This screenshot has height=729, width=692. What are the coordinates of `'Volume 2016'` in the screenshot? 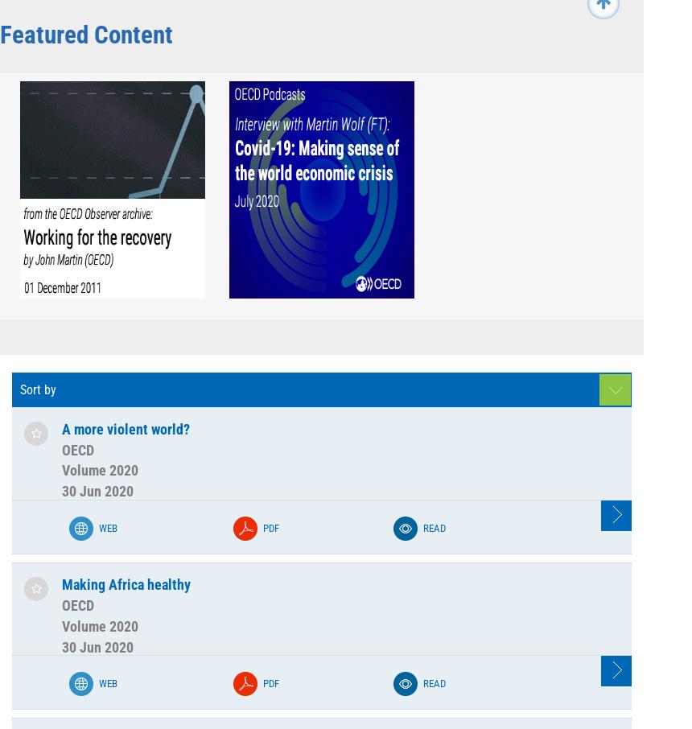 It's located at (176, 7).